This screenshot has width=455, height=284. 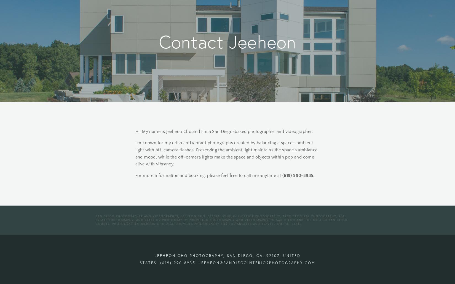 I want to click on 'I'm known for my crisp and vibrant photographs created by balancing a space's ambient light with off-camera flashes. Preserving the ambient light maintains the space's ambiance and mood, while the off-camera lights make the space and objects within pop and come alive with vibrancy.', so click(x=227, y=153).